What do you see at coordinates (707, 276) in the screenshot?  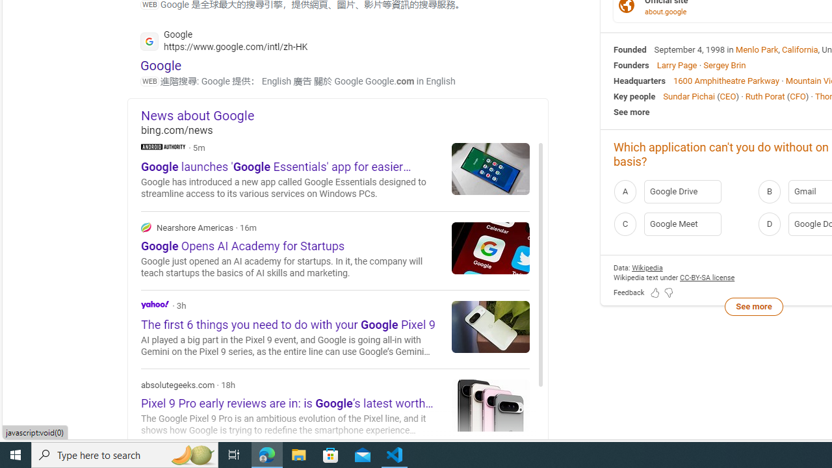 I see `'CC-BY-SA license'` at bounding box center [707, 276].